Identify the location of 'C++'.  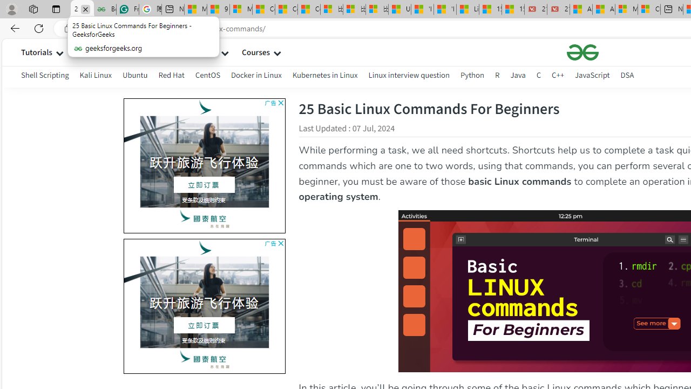
(558, 75).